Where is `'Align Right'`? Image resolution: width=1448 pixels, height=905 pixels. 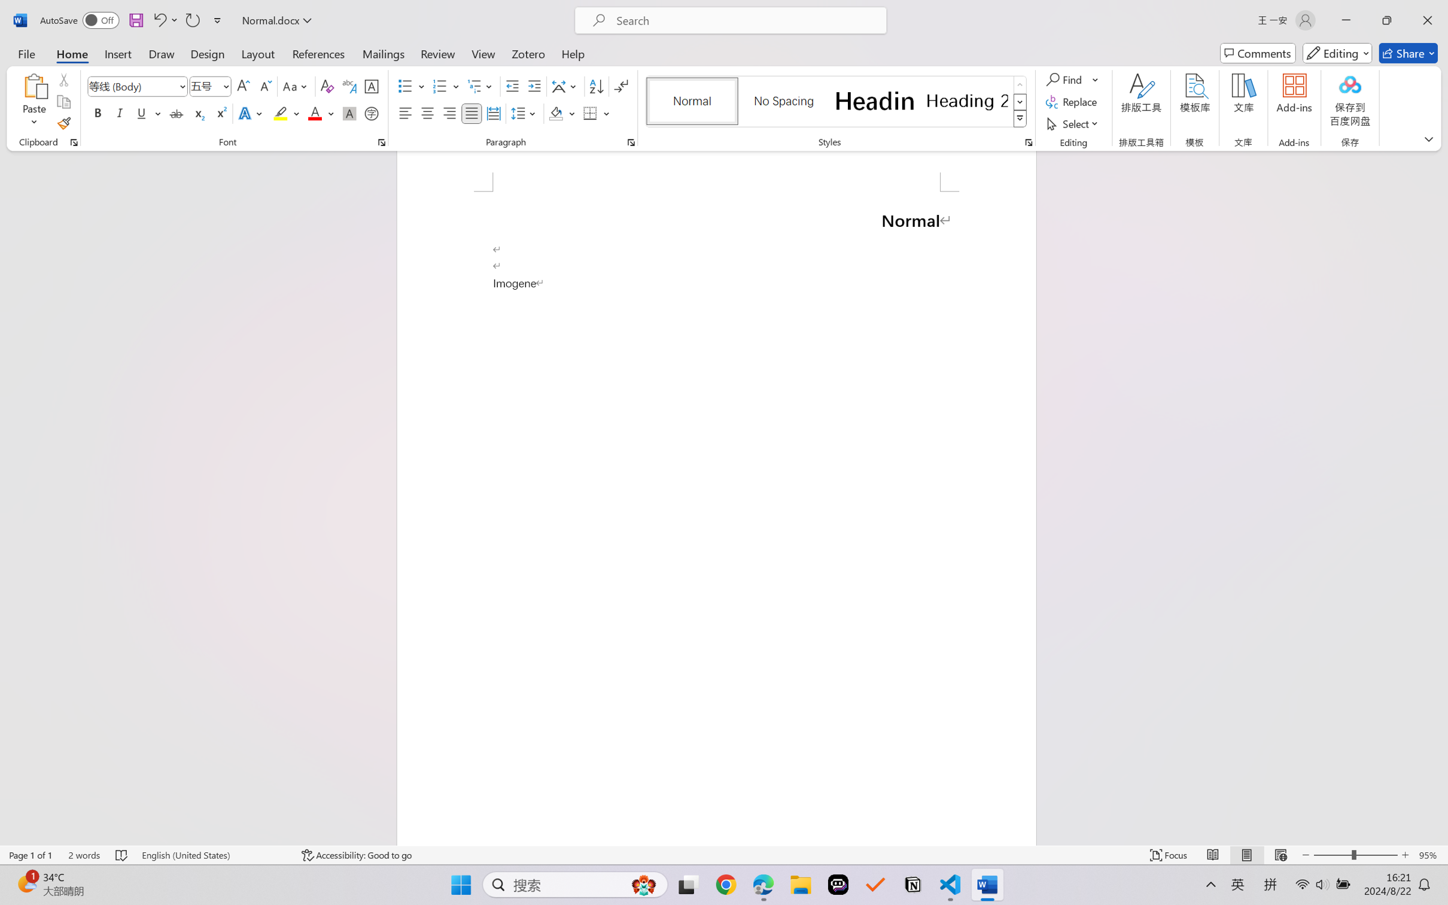 'Align Right' is located at coordinates (450, 113).